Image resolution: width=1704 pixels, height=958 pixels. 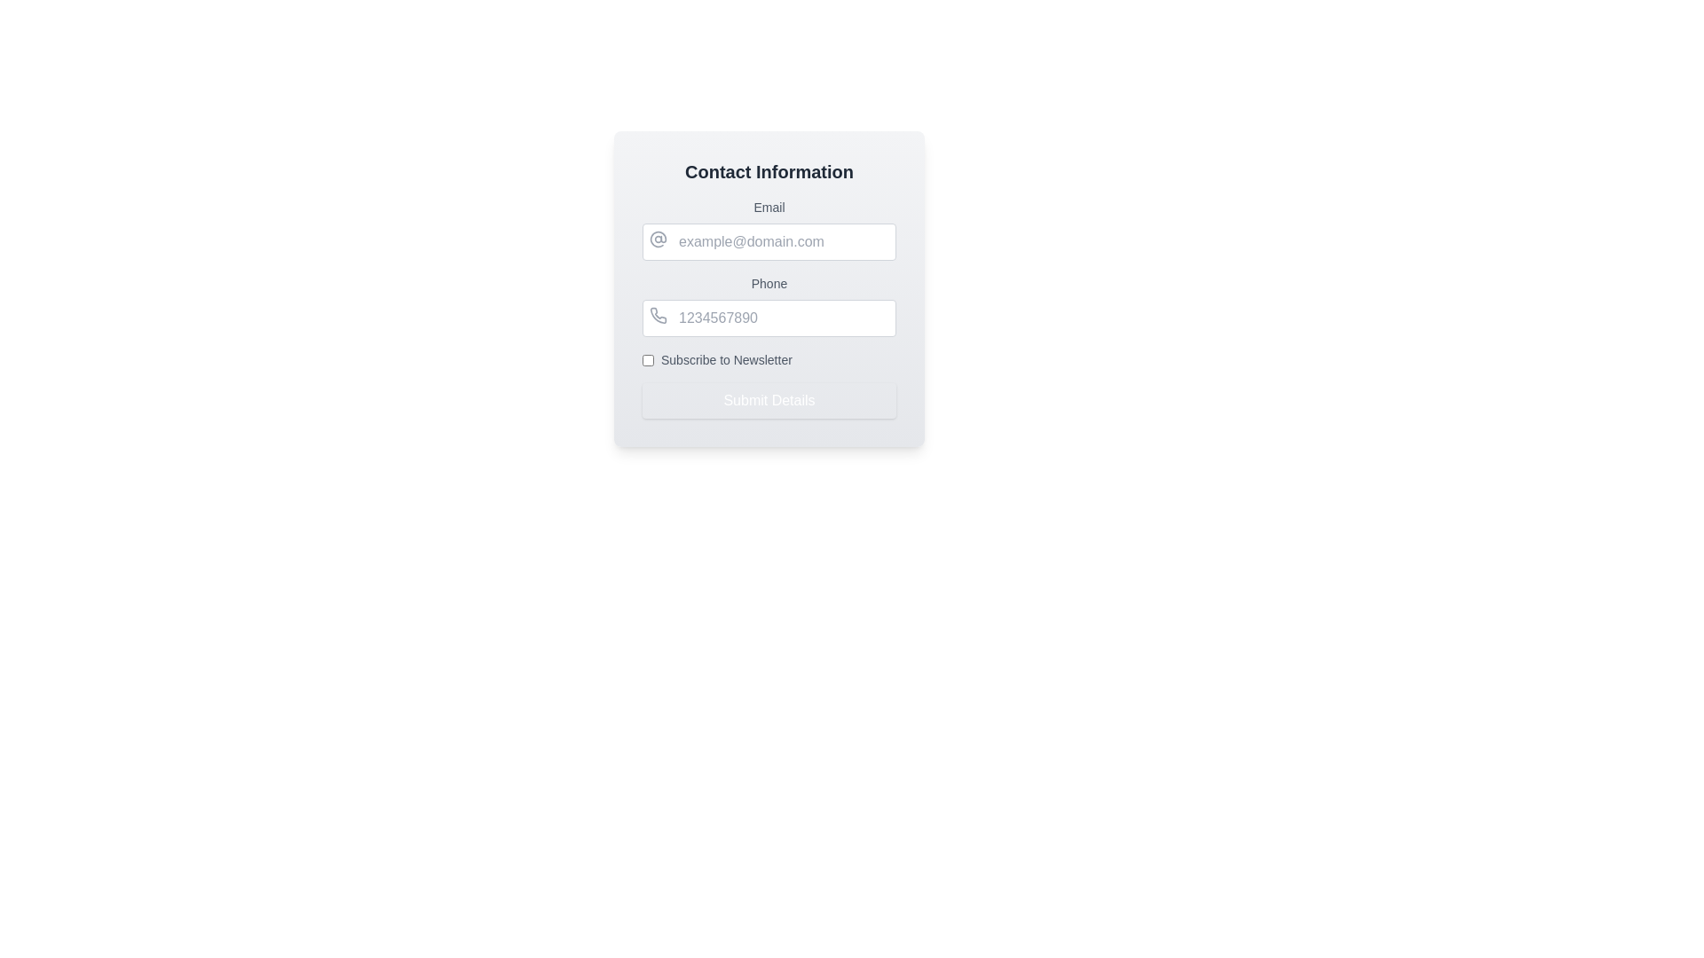 I want to click on the phone number input field located in the center of the layout, beneath the Email input field and above the Subscribe to Newsletter checkbox, to focus the input box, so click(x=769, y=304).